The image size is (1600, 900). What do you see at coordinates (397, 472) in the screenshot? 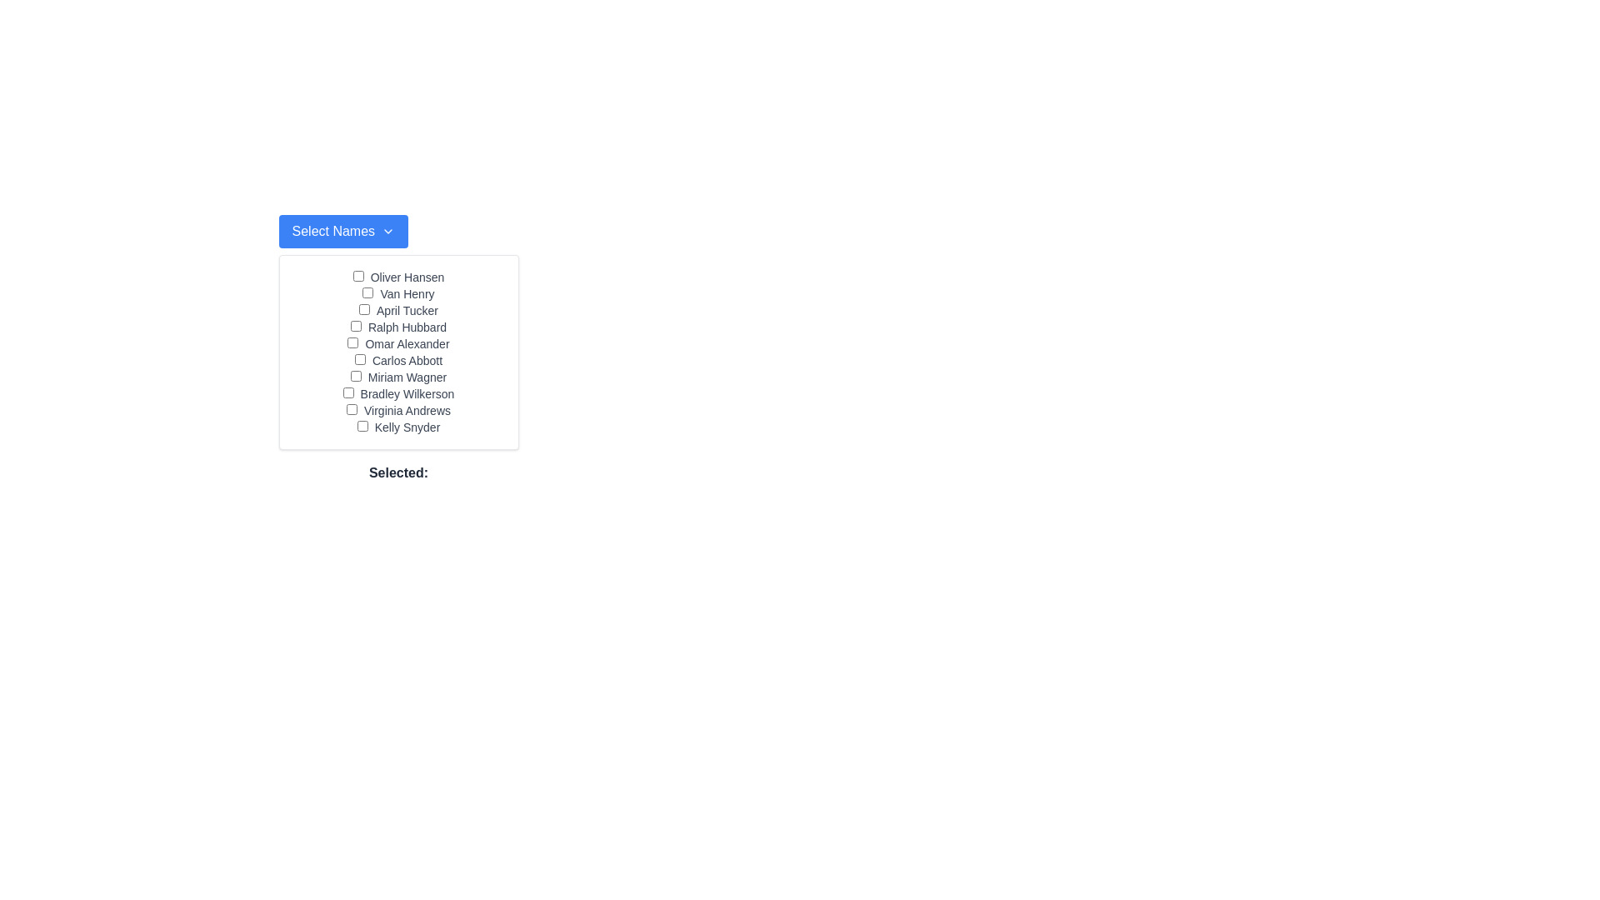
I see `the text label reading 'Selected:' which is styled with a bold font and dark text color, located at the bottom of a grid of selectable names and checkboxes` at bounding box center [397, 472].